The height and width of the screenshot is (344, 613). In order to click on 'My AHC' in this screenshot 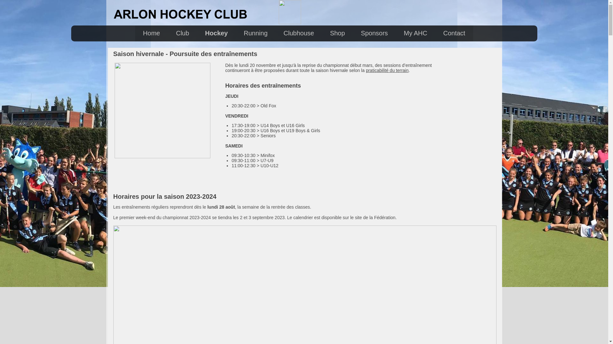, I will do `click(415, 33)`.